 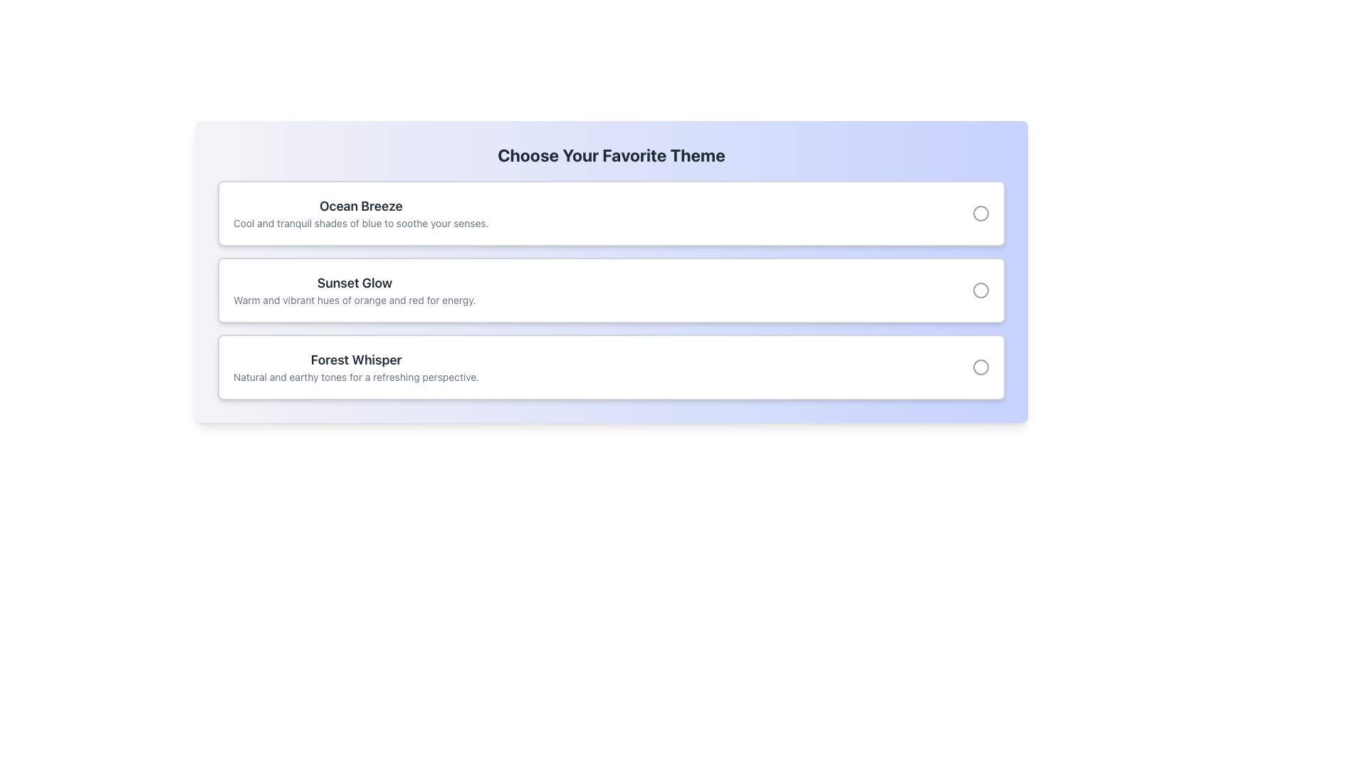 What do you see at coordinates (355, 299) in the screenshot?
I see `the text label that reads 'Warm and vibrant hues of orange and red for energy.' located beneath the title 'Sunset Glow' in the second card of a vertical stack` at bounding box center [355, 299].